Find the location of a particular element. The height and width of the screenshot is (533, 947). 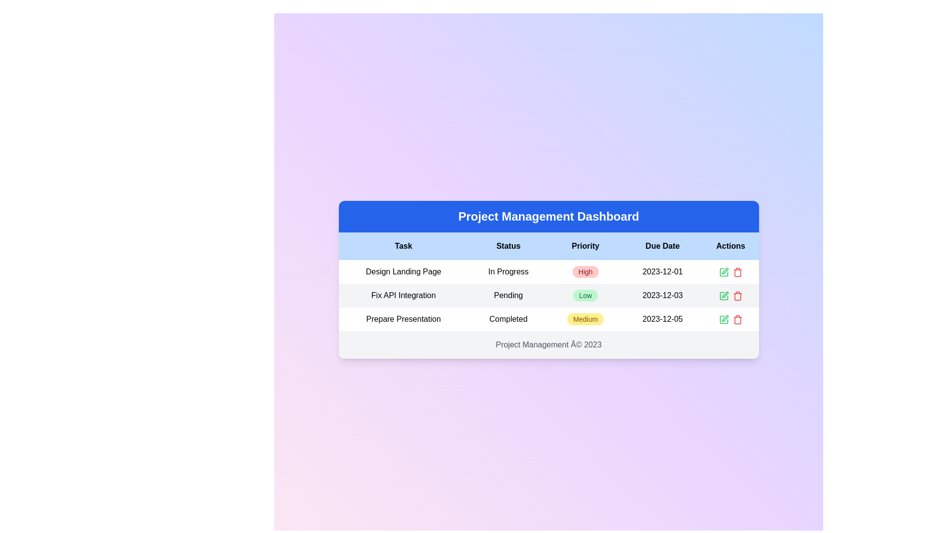

the Static Text element displaying '2023-12-01' in the 'Due Date' column of the table is located at coordinates (662, 272).